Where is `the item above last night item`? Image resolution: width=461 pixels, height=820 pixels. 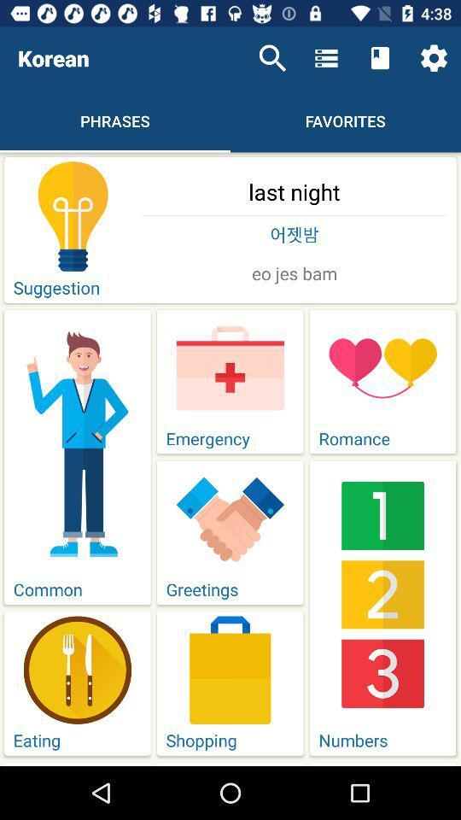
the item above last night item is located at coordinates (272, 58).